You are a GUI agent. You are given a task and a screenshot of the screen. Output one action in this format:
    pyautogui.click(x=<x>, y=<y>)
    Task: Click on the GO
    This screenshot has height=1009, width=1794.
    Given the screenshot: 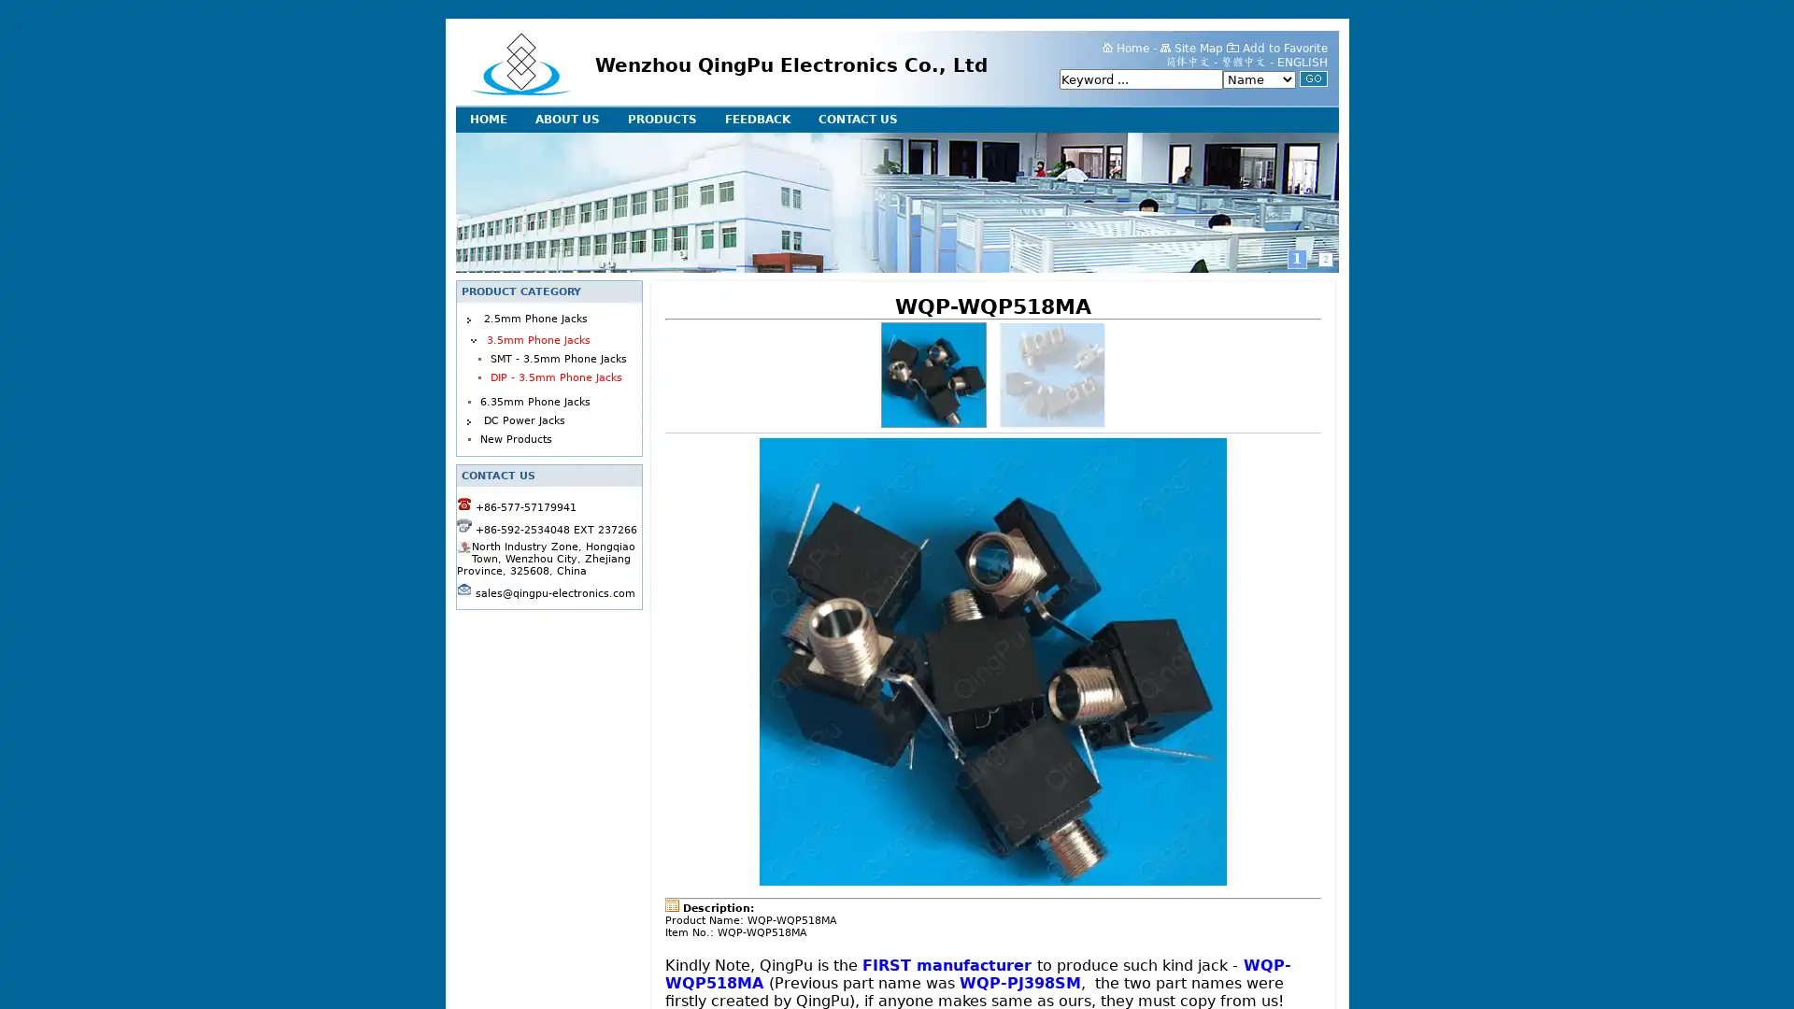 What is the action you would take?
    pyautogui.click(x=1312, y=78)
    